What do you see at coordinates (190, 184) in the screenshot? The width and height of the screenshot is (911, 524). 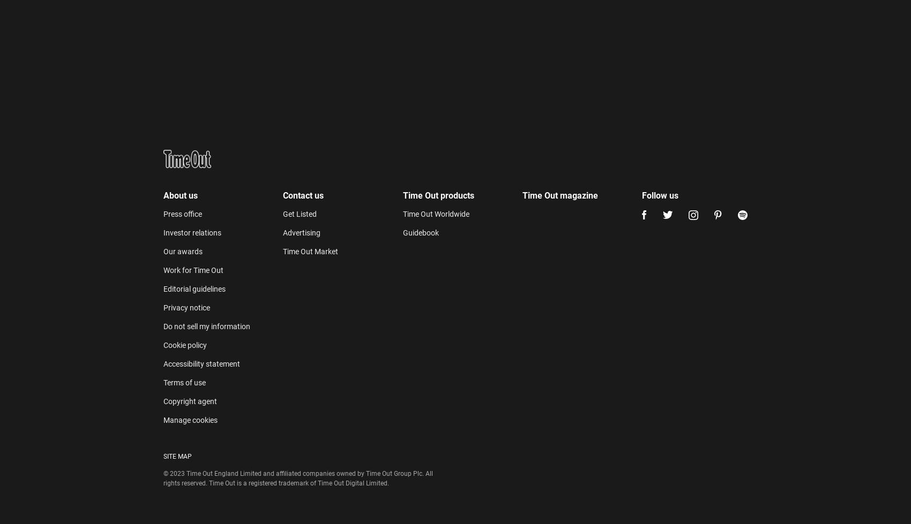 I see `'Manage cookies'` at bounding box center [190, 184].